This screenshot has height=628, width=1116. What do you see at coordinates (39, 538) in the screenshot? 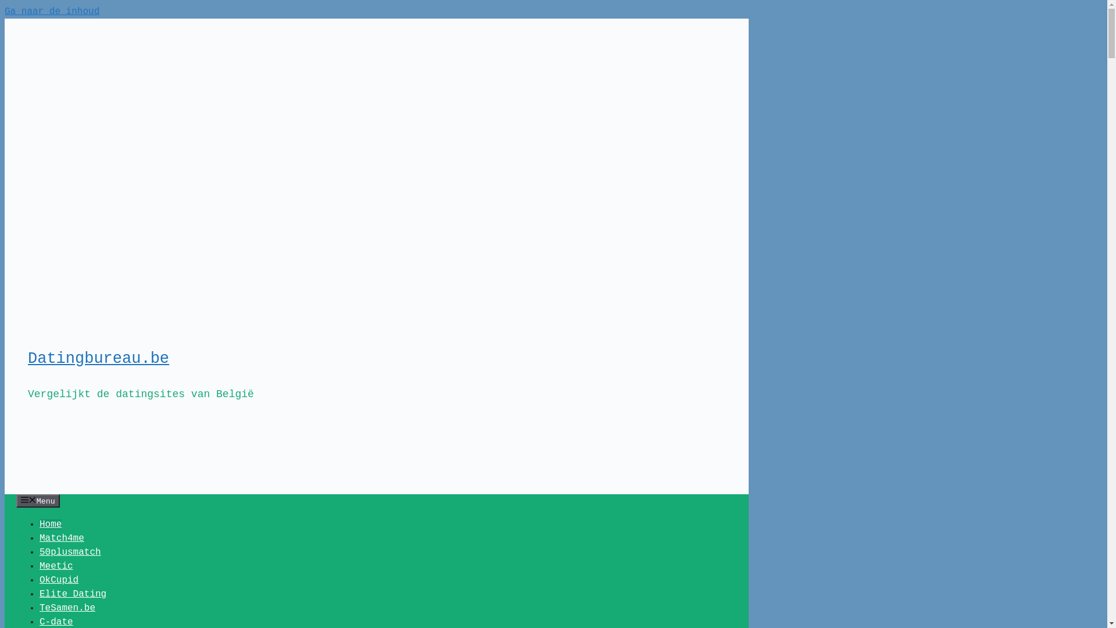
I see `'Match4me'` at bounding box center [39, 538].